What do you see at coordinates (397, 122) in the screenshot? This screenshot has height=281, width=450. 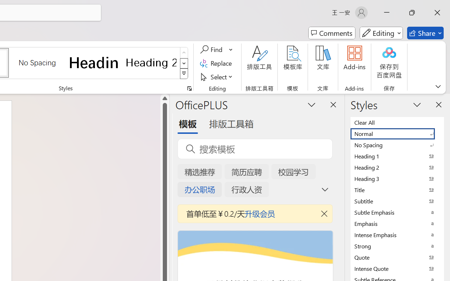 I see `'Clear All'` at bounding box center [397, 122].